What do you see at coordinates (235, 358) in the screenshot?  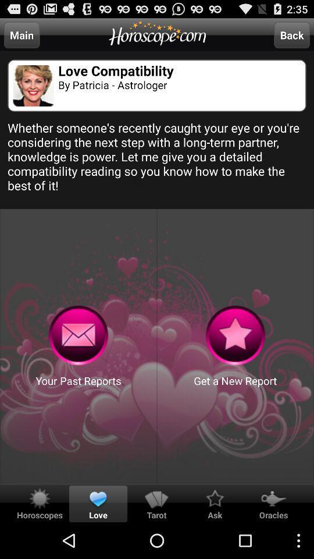 I see `the star icon` at bounding box center [235, 358].